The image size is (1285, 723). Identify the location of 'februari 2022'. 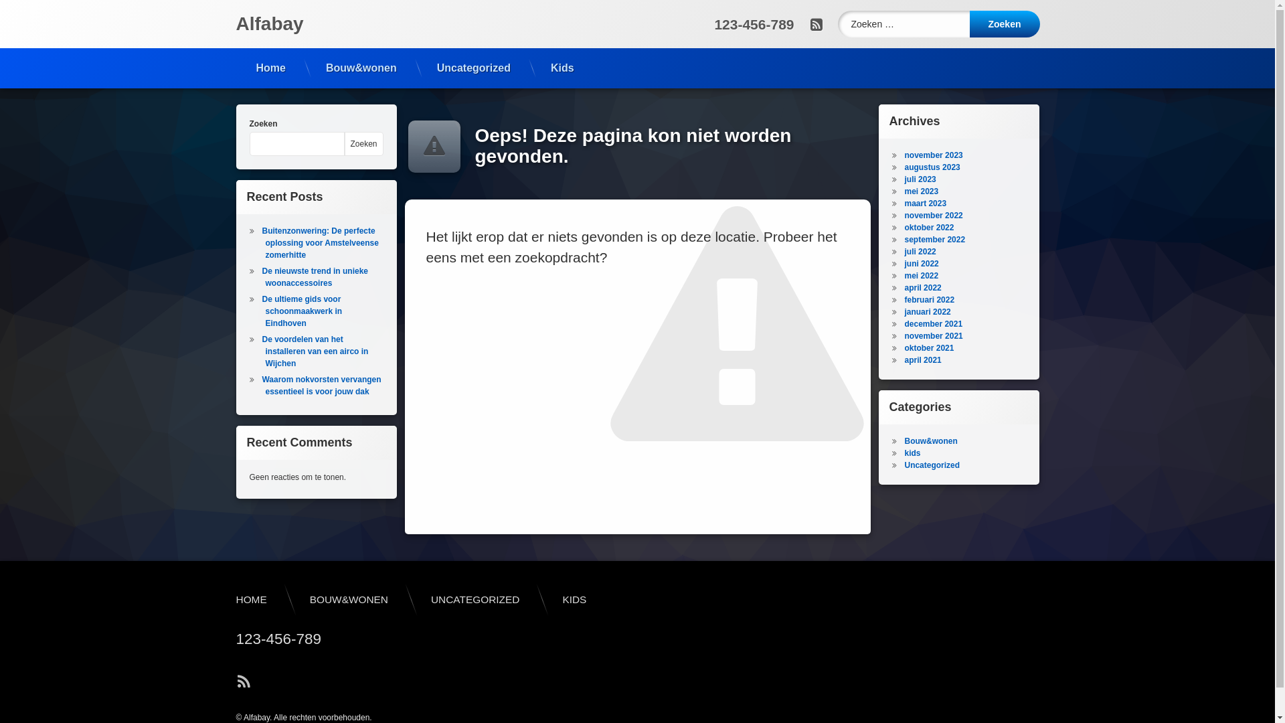
(928, 299).